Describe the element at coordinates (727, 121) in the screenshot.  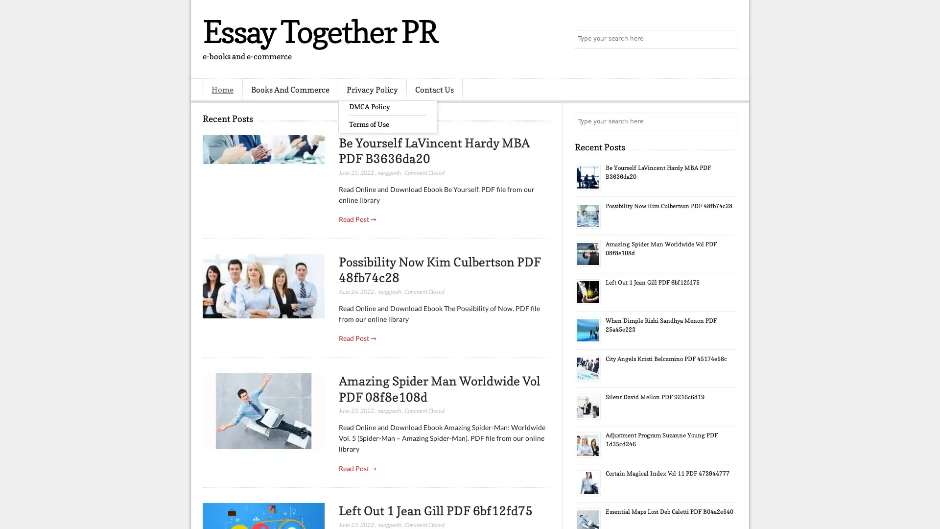
I see `Search` at that location.